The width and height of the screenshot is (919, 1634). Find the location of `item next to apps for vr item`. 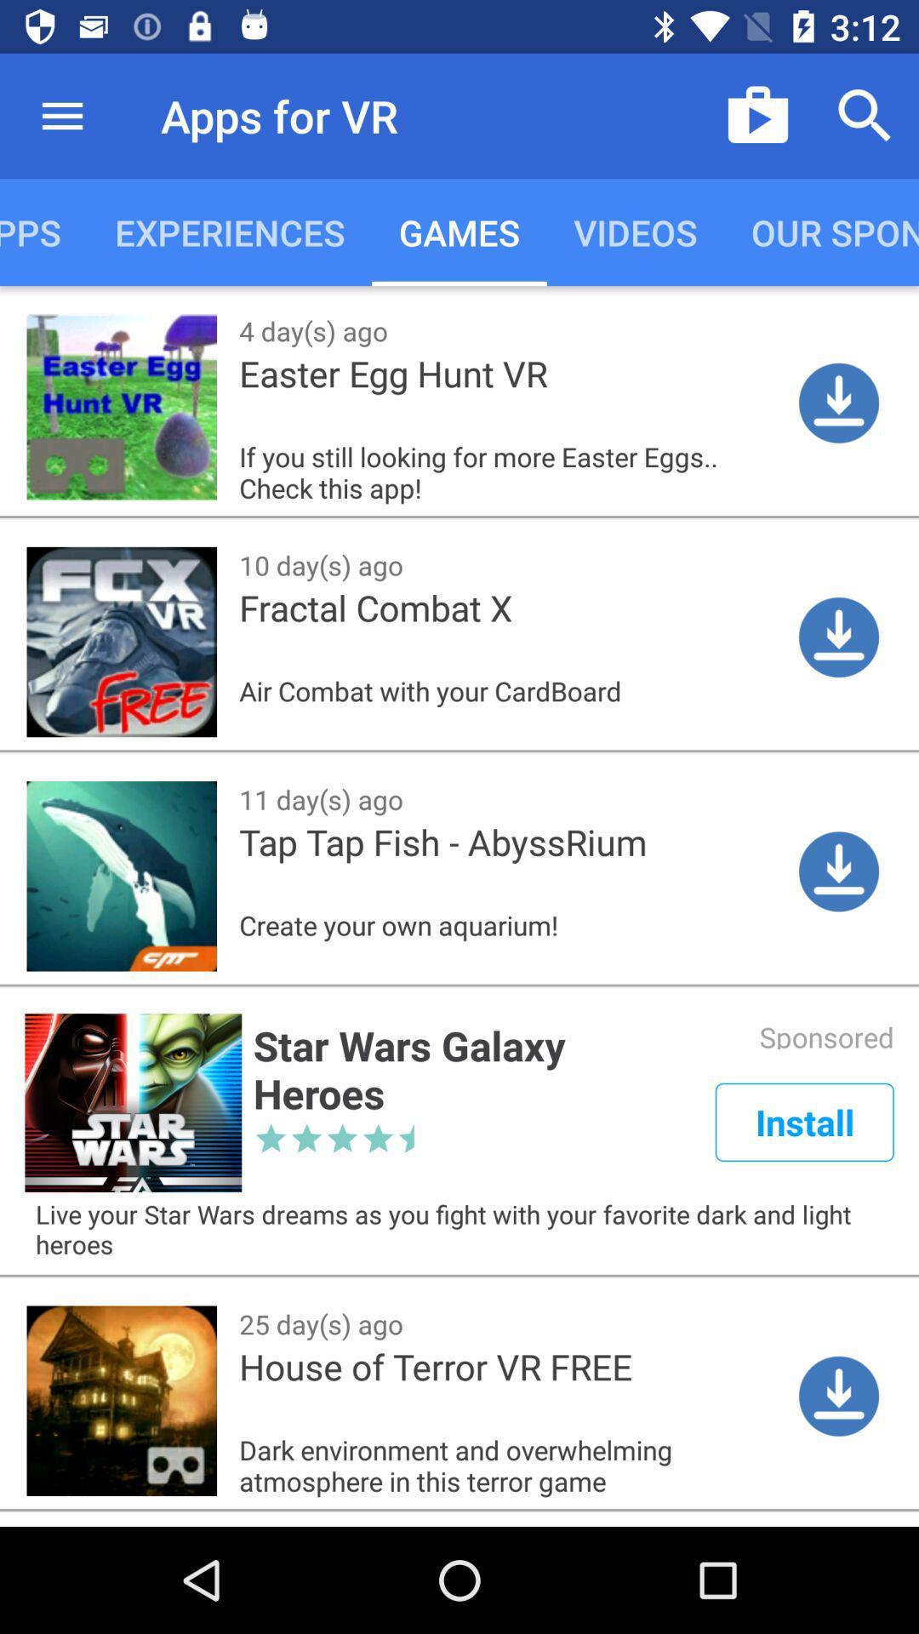

item next to apps for vr item is located at coordinates (61, 115).